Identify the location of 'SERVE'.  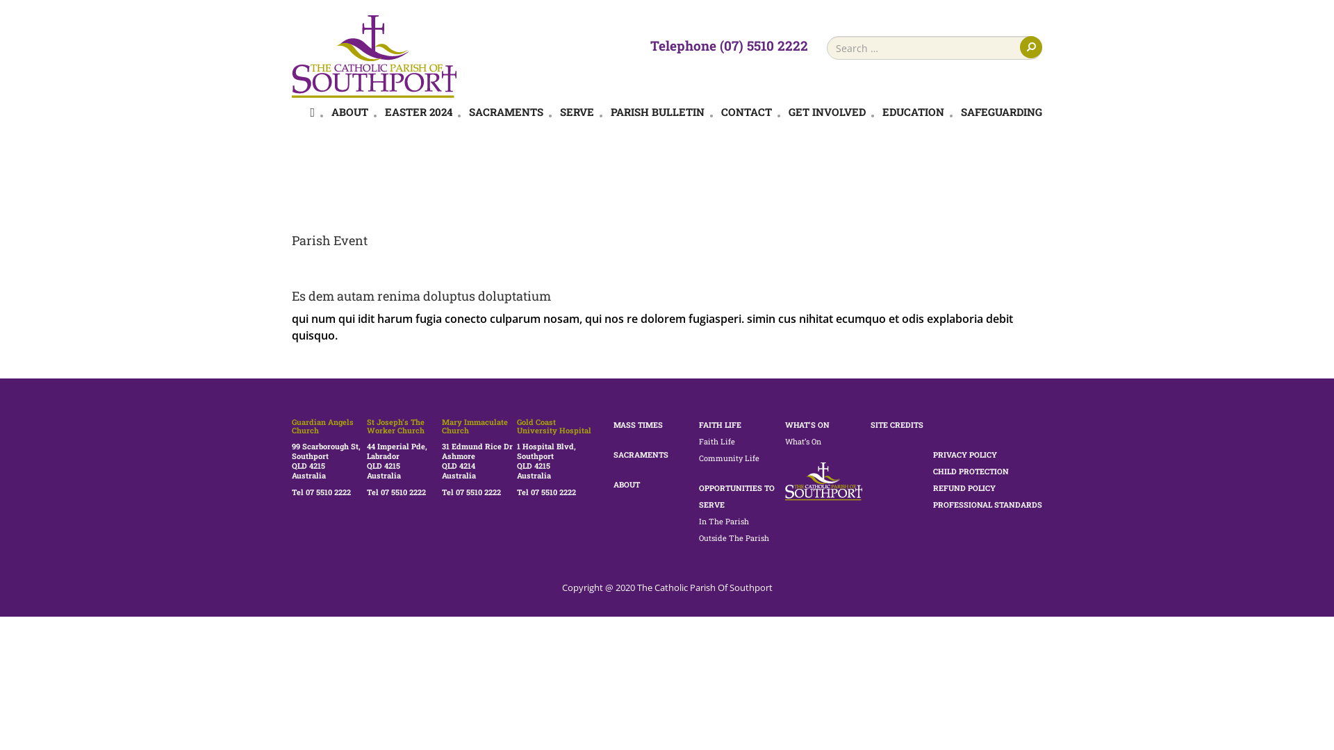
(560, 111).